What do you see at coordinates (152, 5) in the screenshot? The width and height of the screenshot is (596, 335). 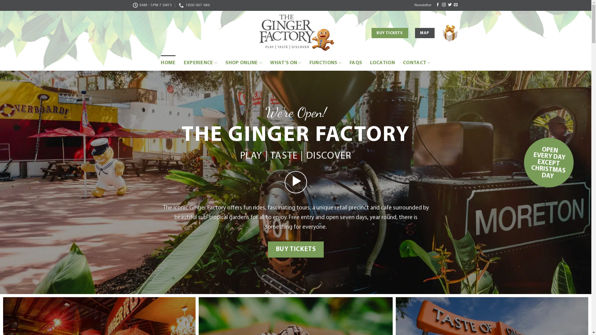 I see `'9AM - 5PM 7 DAYS'` at bounding box center [152, 5].